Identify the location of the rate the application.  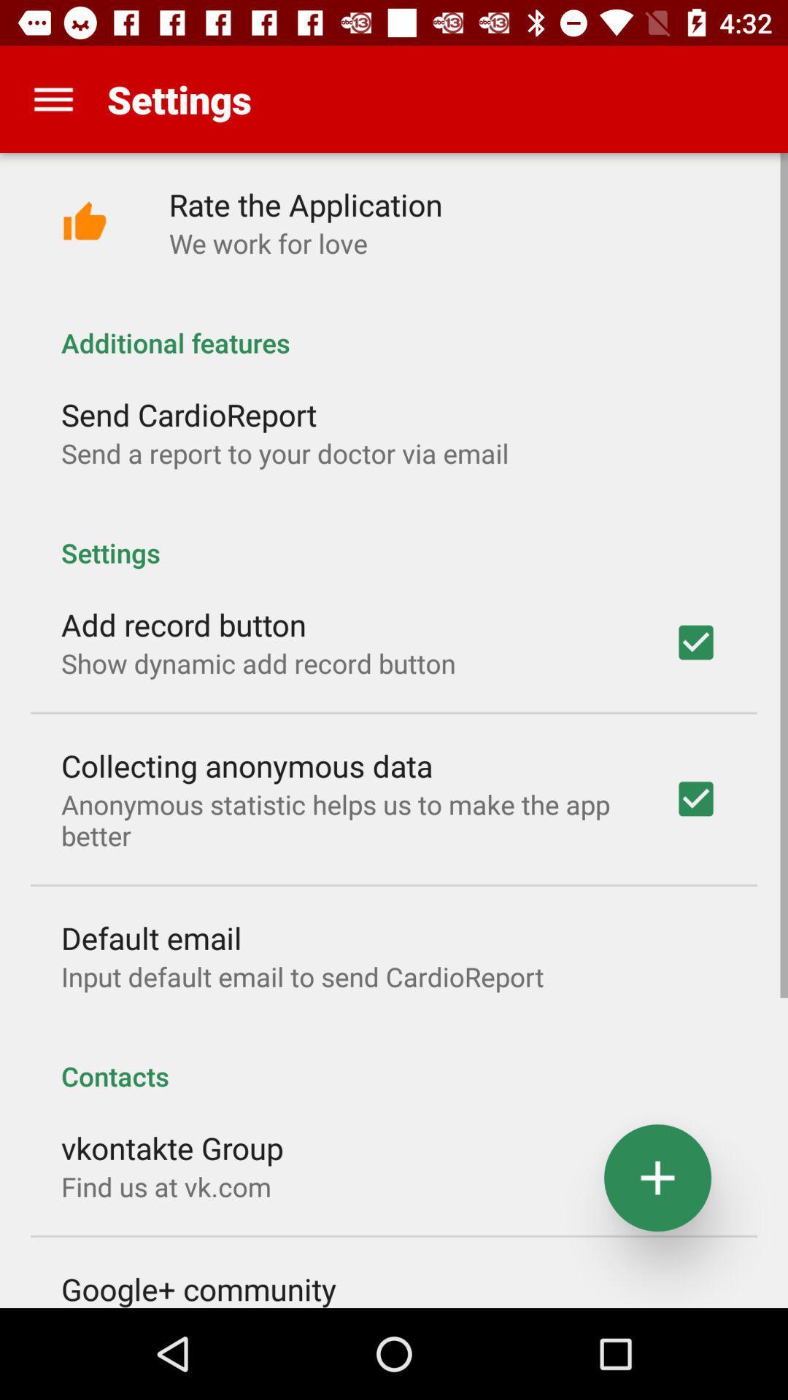
(305, 203).